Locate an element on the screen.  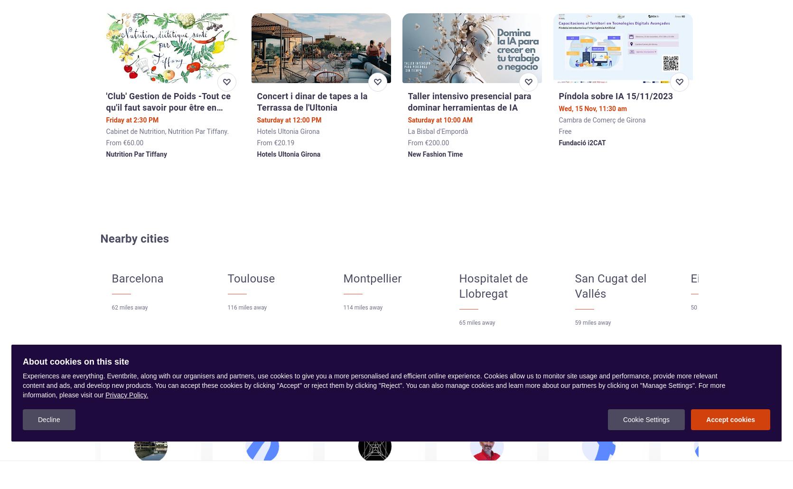
'Hospitalet de Llobregat' is located at coordinates (493, 285).